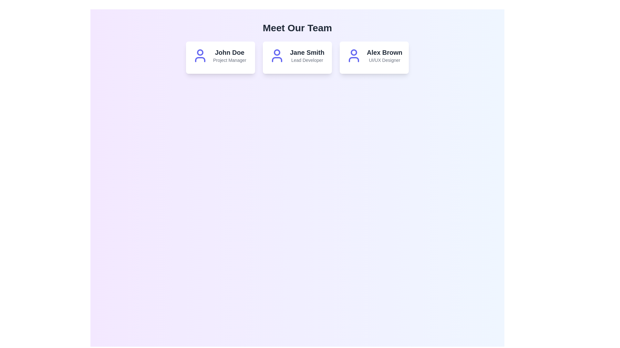 The width and height of the screenshot is (620, 348). Describe the element at coordinates (307, 55) in the screenshot. I see `displayed text of the text block labeled 'Jane Smith' which is styled in bold and larger font, followed by 'Lead Developer' in smaller font, located in the middle of the team members section` at that location.